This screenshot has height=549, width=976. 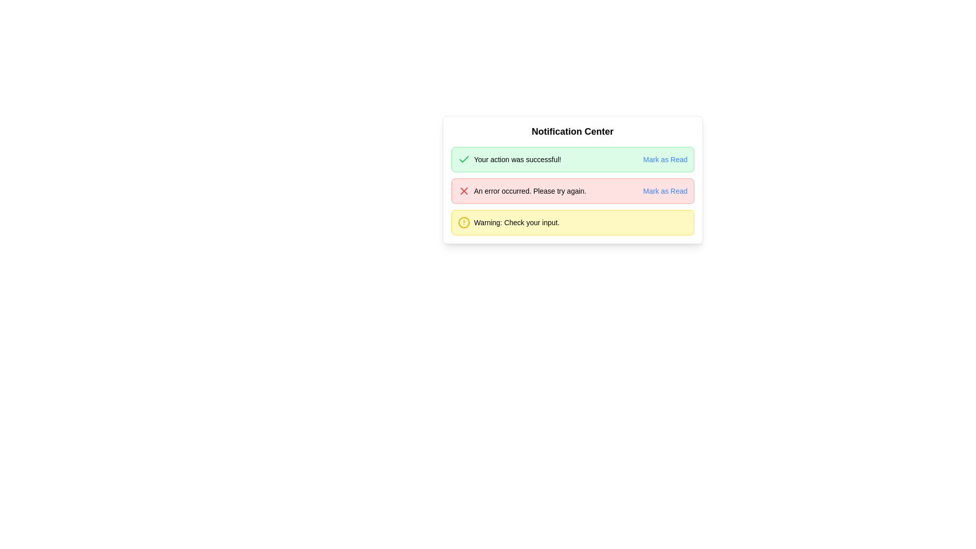 What do you see at coordinates (572, 222) in the screenshot?
I see `message content of the Notification card, which serves as a warning notification located in the notification center, specifically the third card in the vertical stack` at bounding box center [572, 222].